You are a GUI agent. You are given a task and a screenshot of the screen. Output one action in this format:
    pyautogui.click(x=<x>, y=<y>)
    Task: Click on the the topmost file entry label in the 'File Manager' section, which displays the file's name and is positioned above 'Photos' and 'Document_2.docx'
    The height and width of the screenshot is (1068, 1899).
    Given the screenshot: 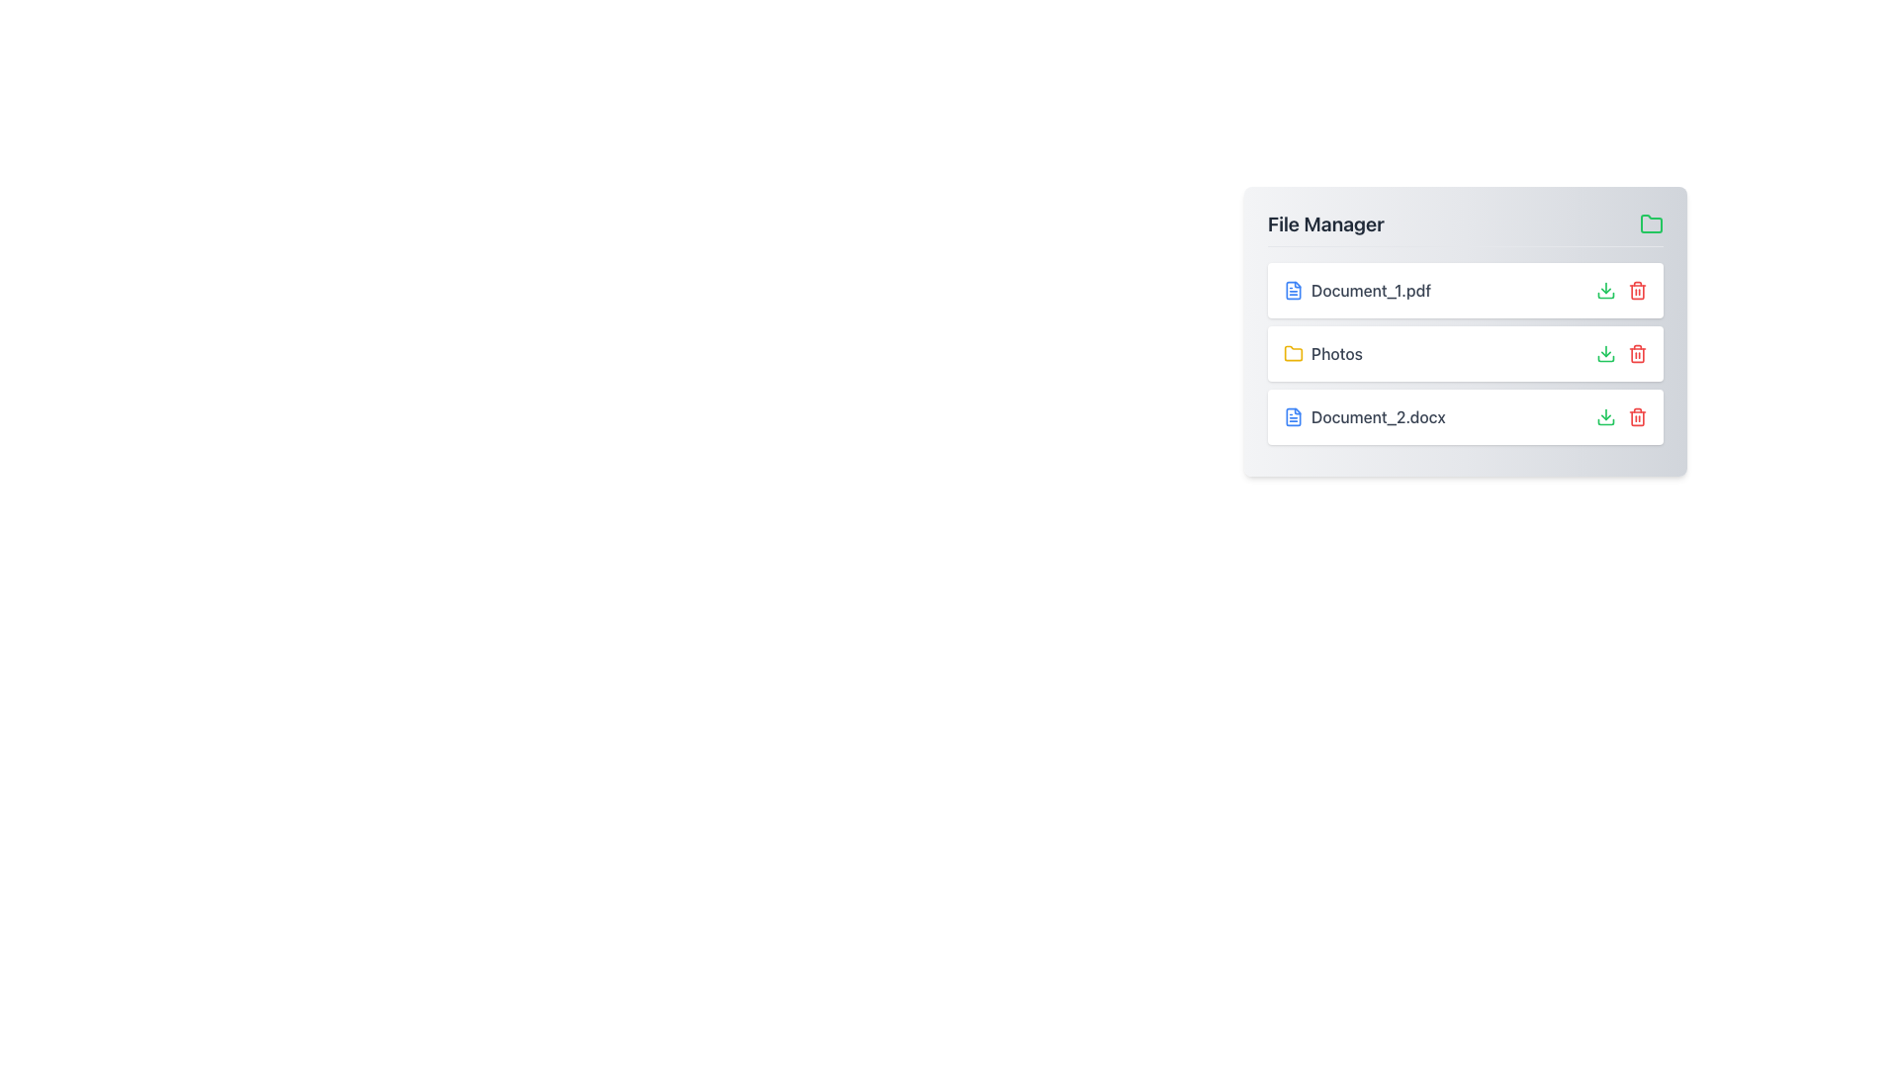 What is the action you would take?
    pyautogui.click(x=1356, y=290)
    